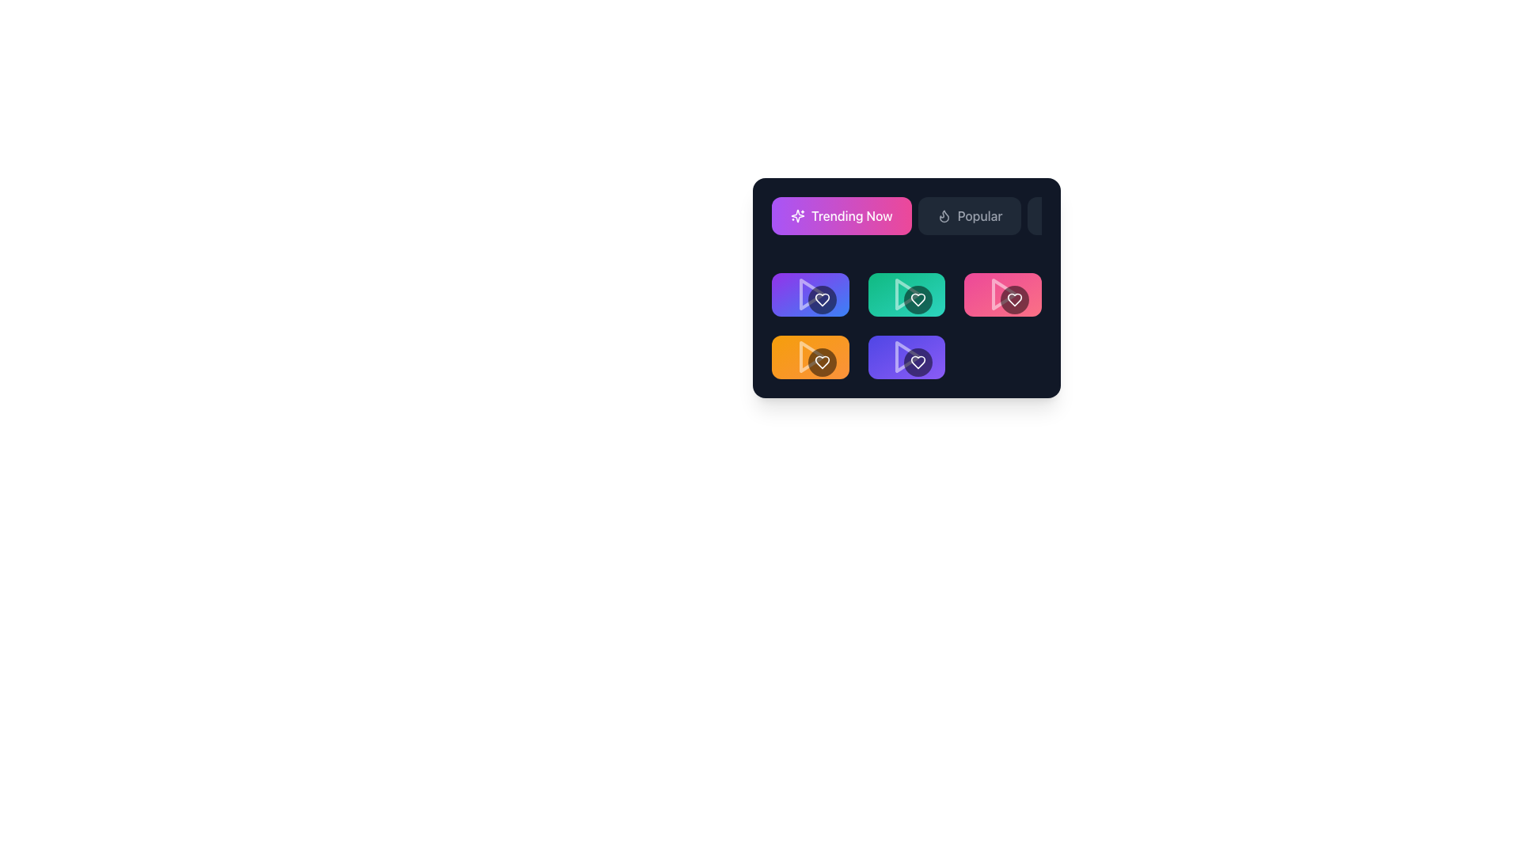 The width and height of the screenshot is (1520, 855). Describe the element at coordinates (906, 357) in the screenshot. I see `the play button located in the purple card at the right end of the bottom row in a grid of six cards to initiate video playback` at that location.